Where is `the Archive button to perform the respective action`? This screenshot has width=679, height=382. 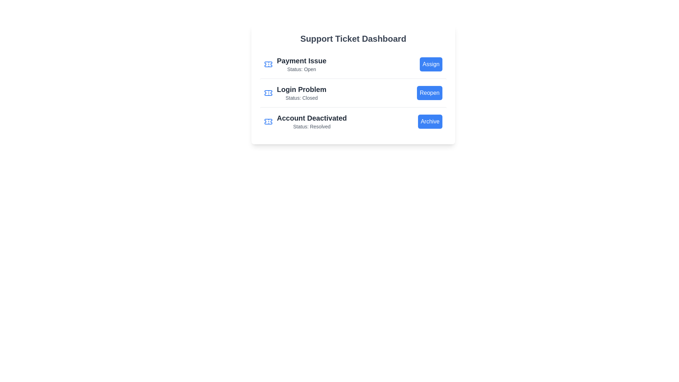
the Archive button to perform the respective action is located at coordinates (430, 121).